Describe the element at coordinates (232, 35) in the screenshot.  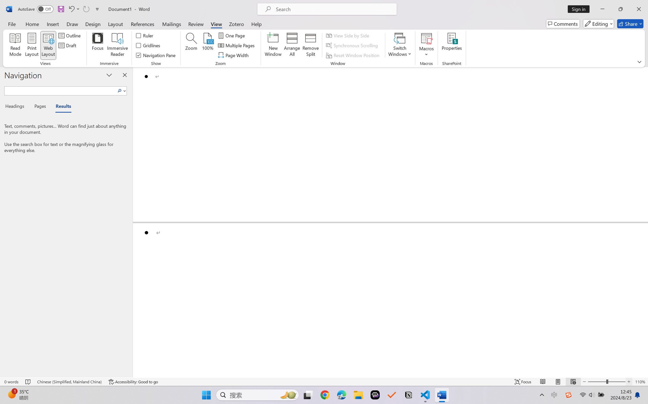
I see `'One Page'` at that location.